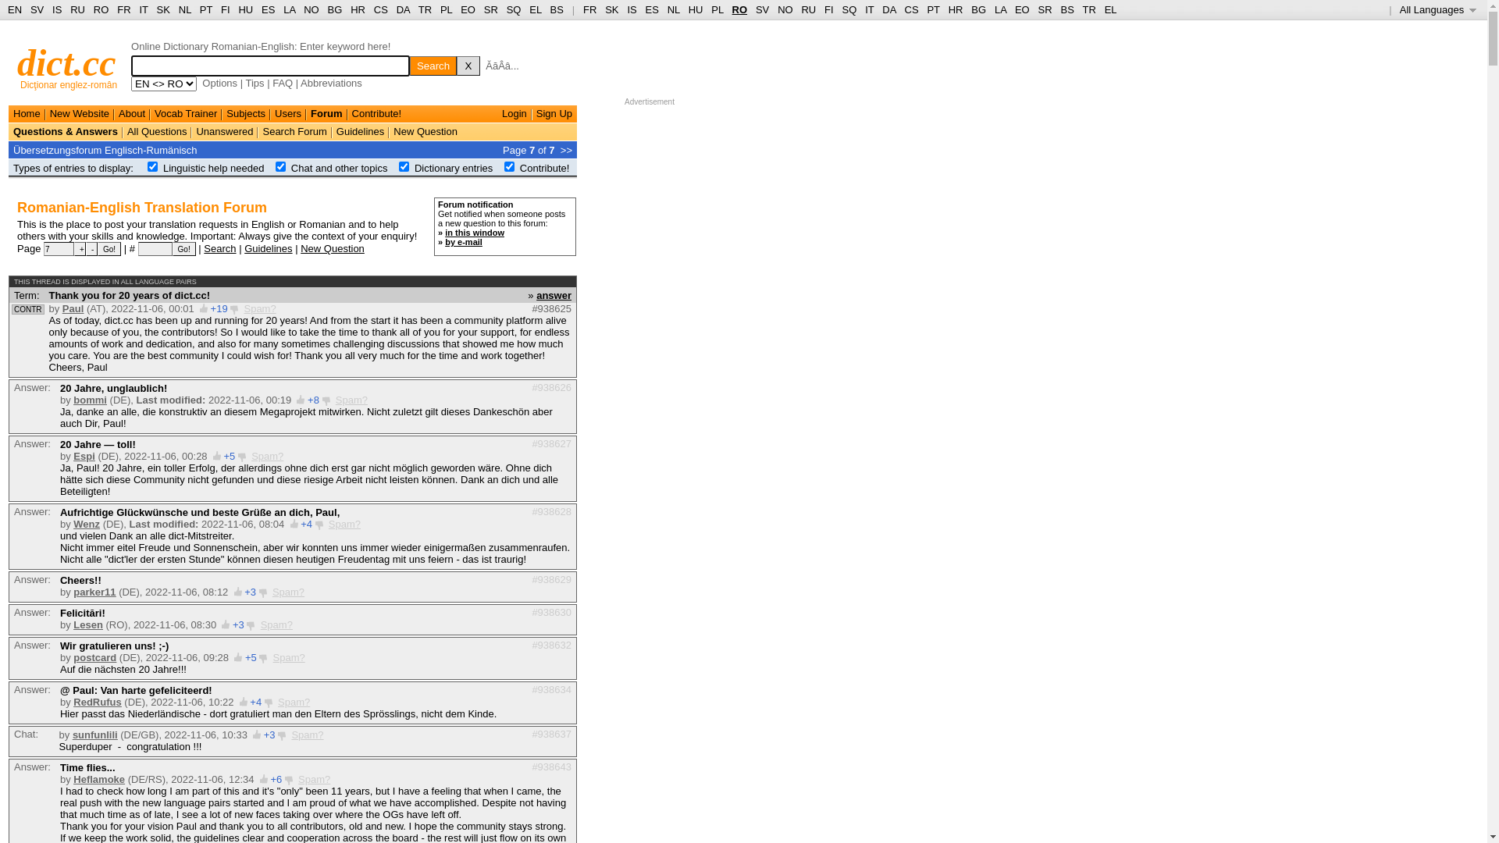 This screenshot has height=843, width=1499. I want to click on 'Login', so click(514, 112).